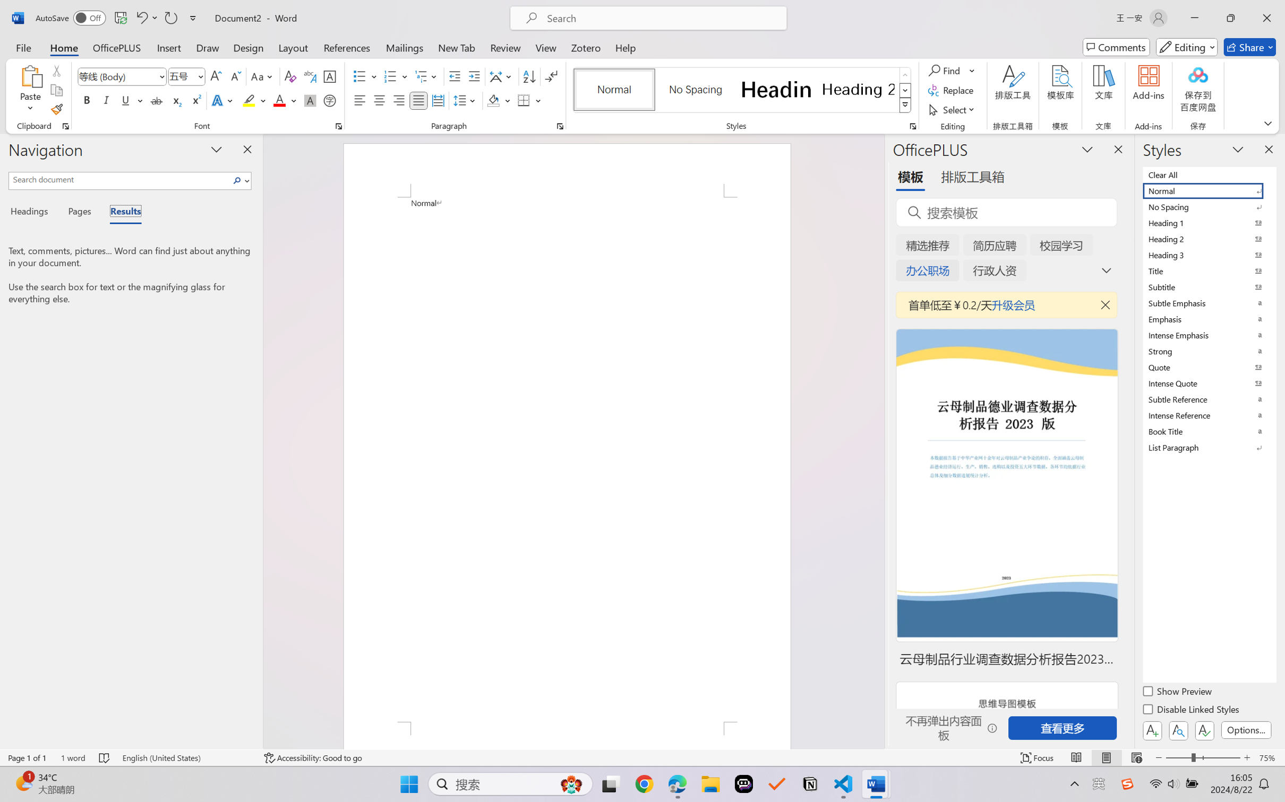  I want to click on 'Show/Hide Editing Marks', so click(551, 76).